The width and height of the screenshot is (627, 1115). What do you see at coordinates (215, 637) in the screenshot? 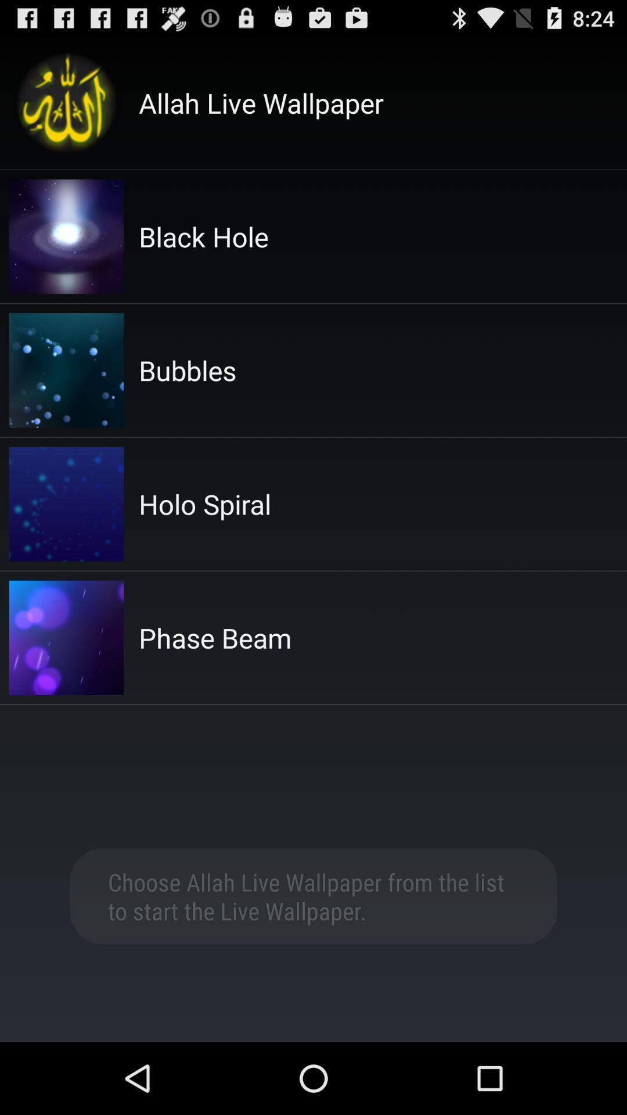
I see `phase beam app` at bounding box center [215, 637].